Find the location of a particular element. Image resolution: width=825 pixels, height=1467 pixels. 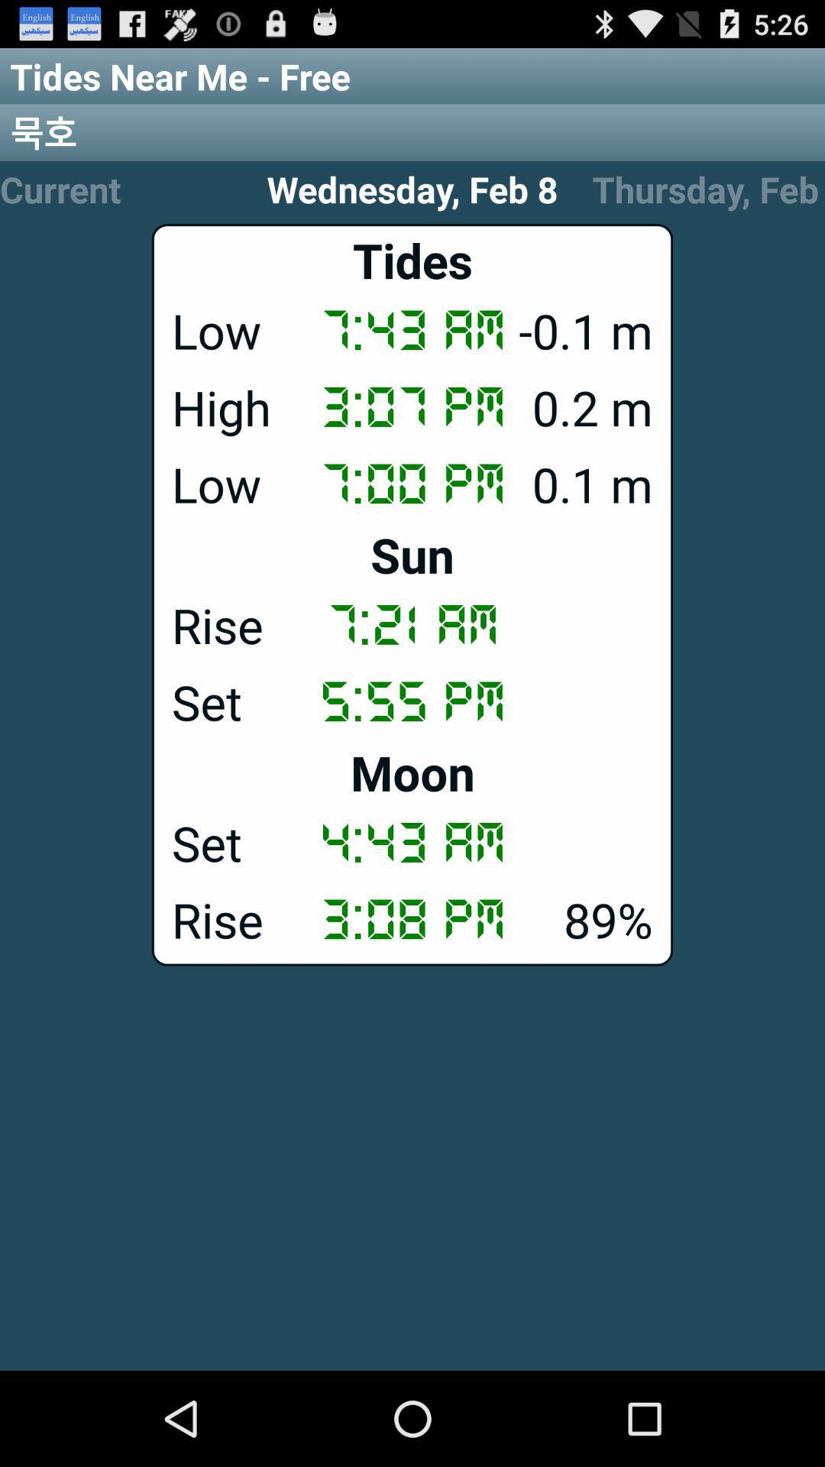

item above the moon icon is located at coordinates (412, 700).